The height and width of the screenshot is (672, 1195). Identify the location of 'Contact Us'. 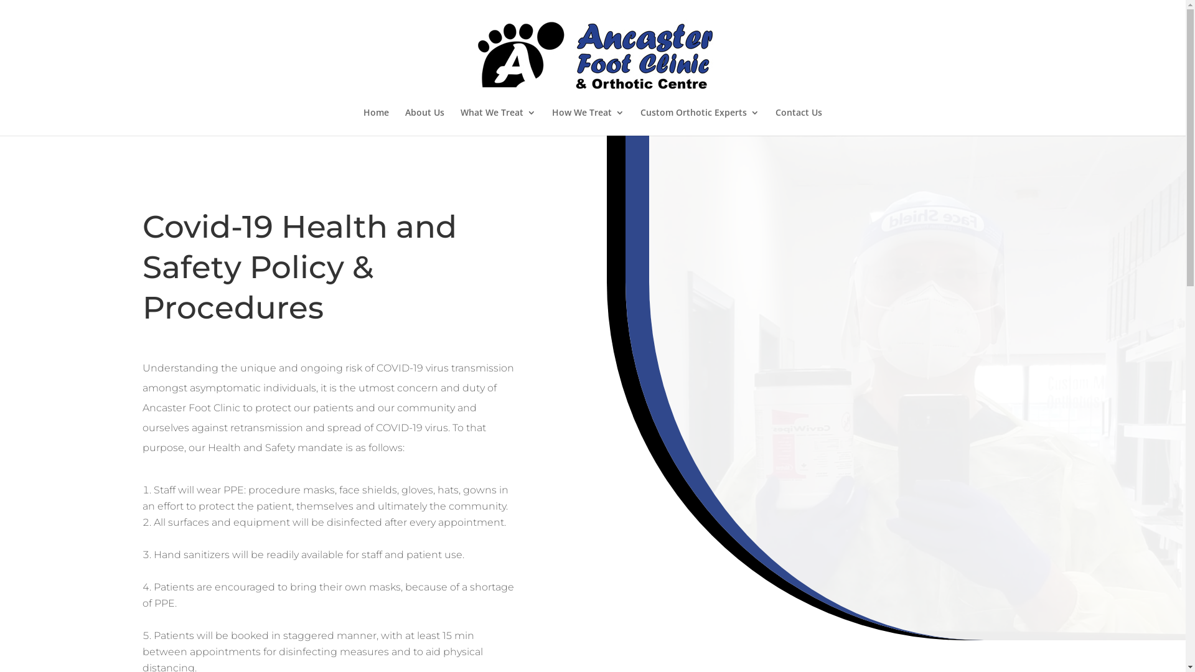
(799, 122).